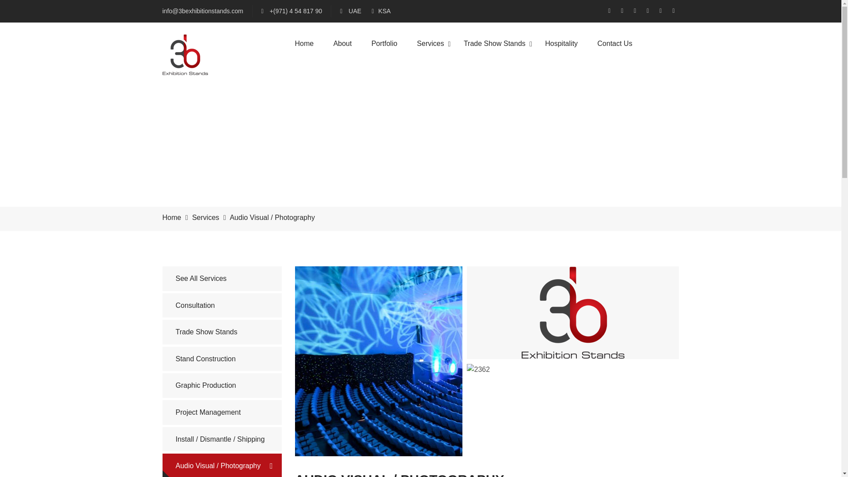  I want to click on 'Services', so click(430, 43).